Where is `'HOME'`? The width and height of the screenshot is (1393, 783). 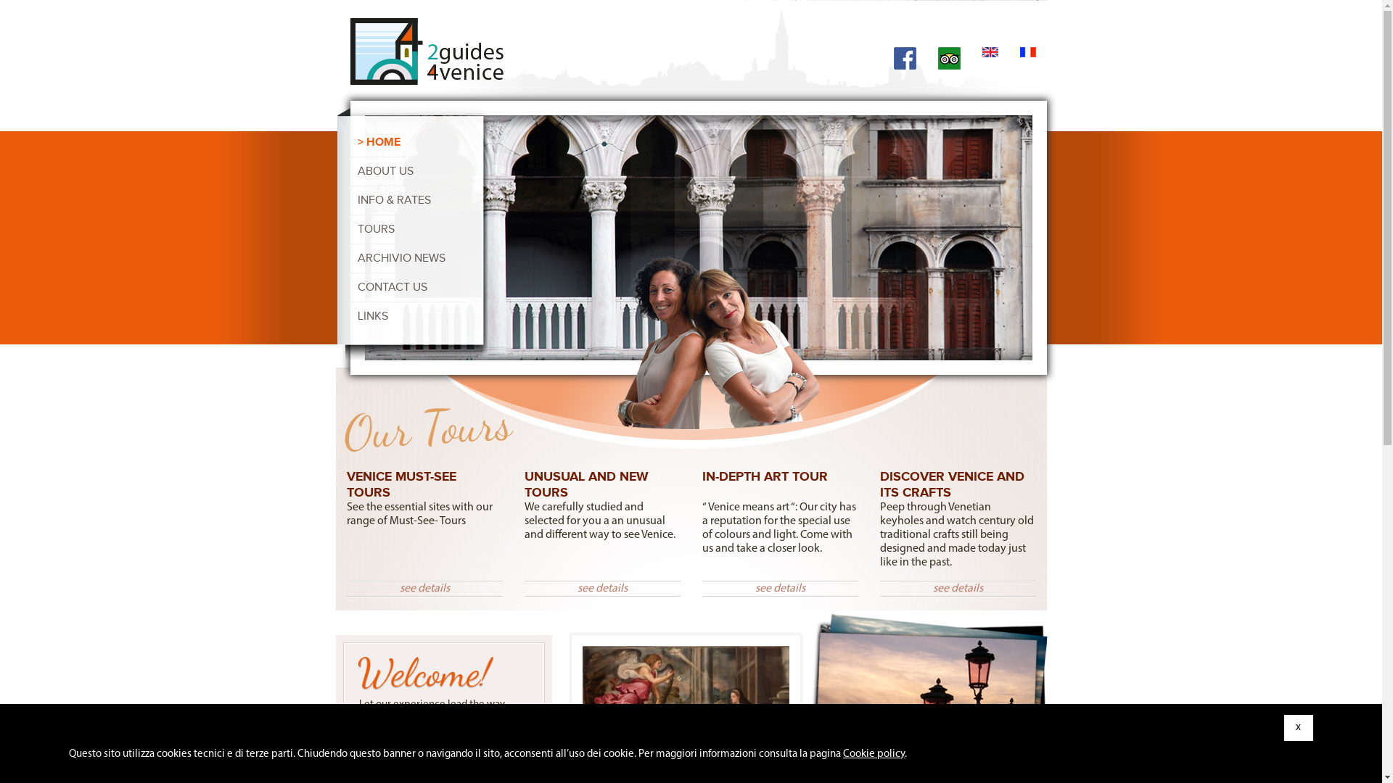
'HOME' is located at coordinates (378, 142).